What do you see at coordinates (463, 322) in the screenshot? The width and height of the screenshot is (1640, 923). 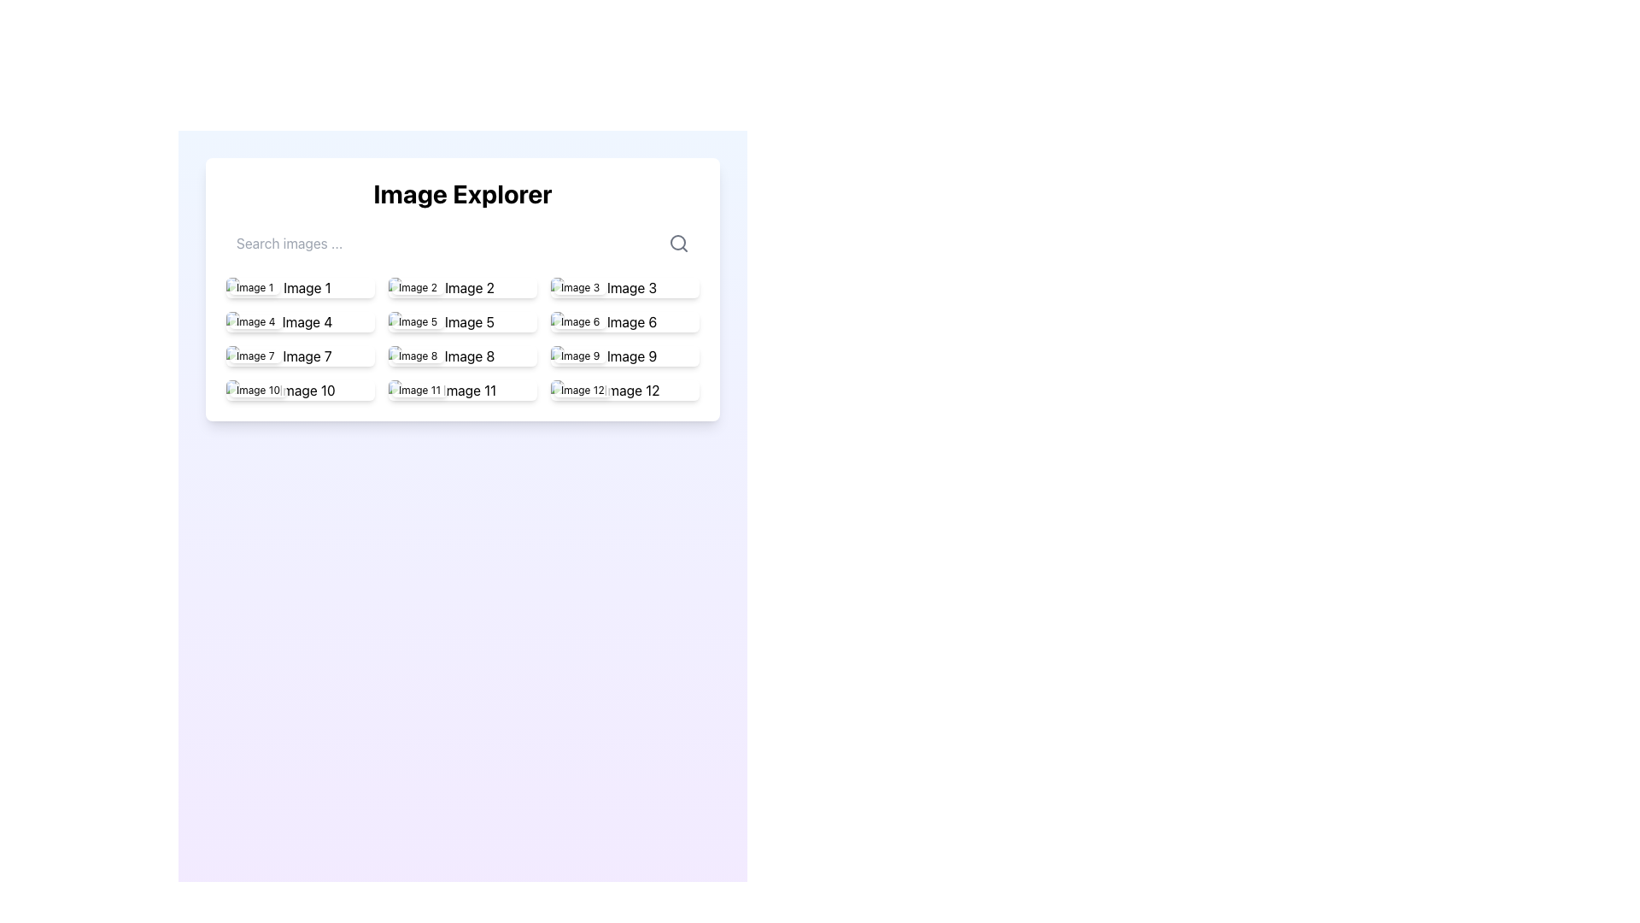 I see `the thumbnail labeled 'Image 5'` at bounding box center [463, 322].